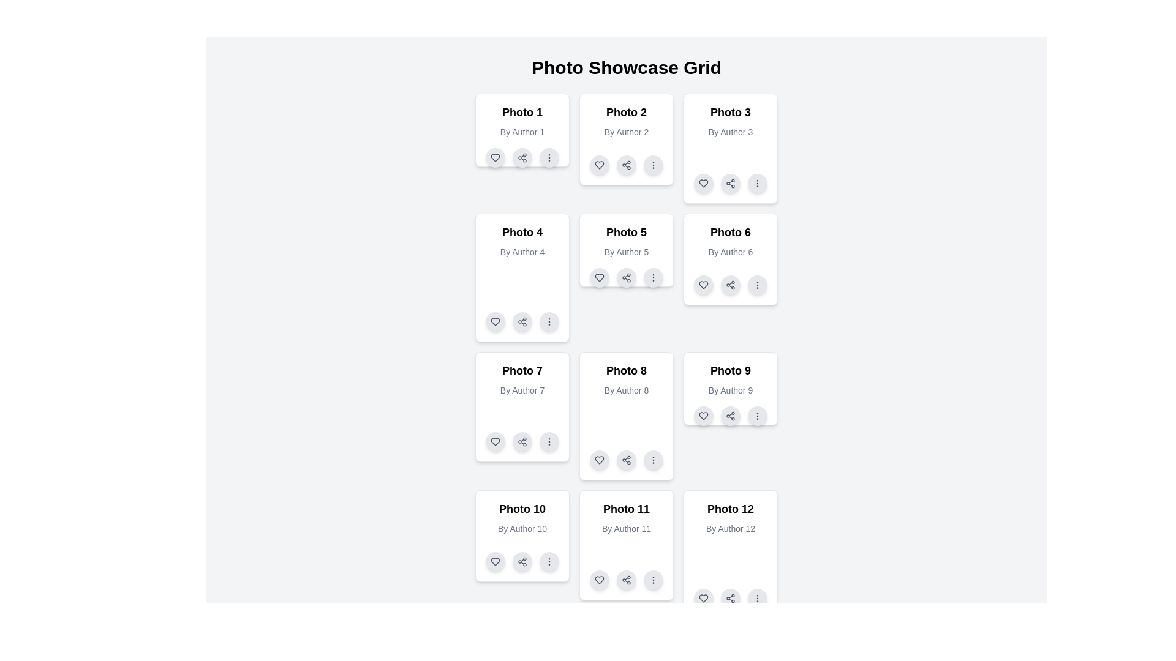 The image size is (1176, 661). Describe the element at coordinates (600, 165) in the screenshot. I see `the circular button with a heart-shaped icon in the bottom-left corner of the 'Photo 2 By Author 2' card` at that location.